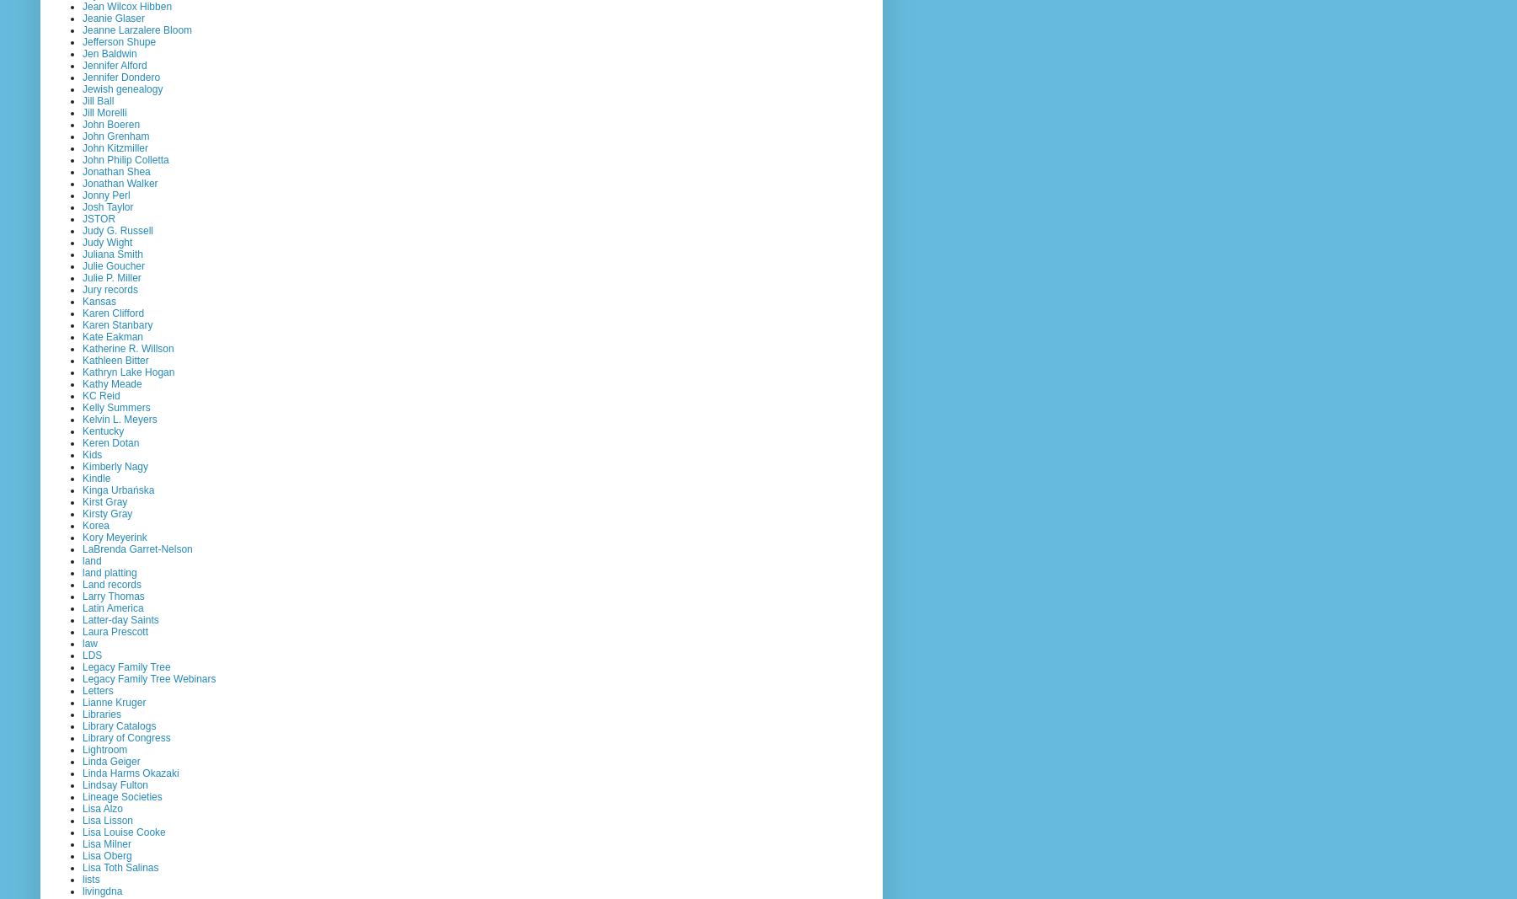 The height and width of the screenshot is (899, 1517). I want to click on 'lists', so click(91, 878).